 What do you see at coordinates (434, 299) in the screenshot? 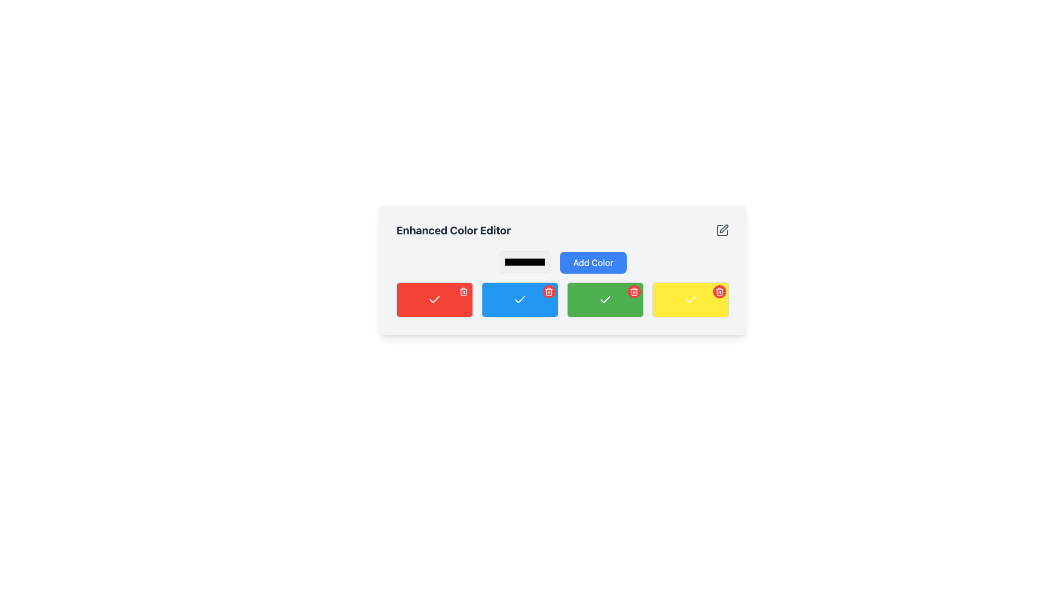
I see `the color block with action icons for the red option located just below the 'Enhanced Color Editor' title` at bounding box center [434, 299].